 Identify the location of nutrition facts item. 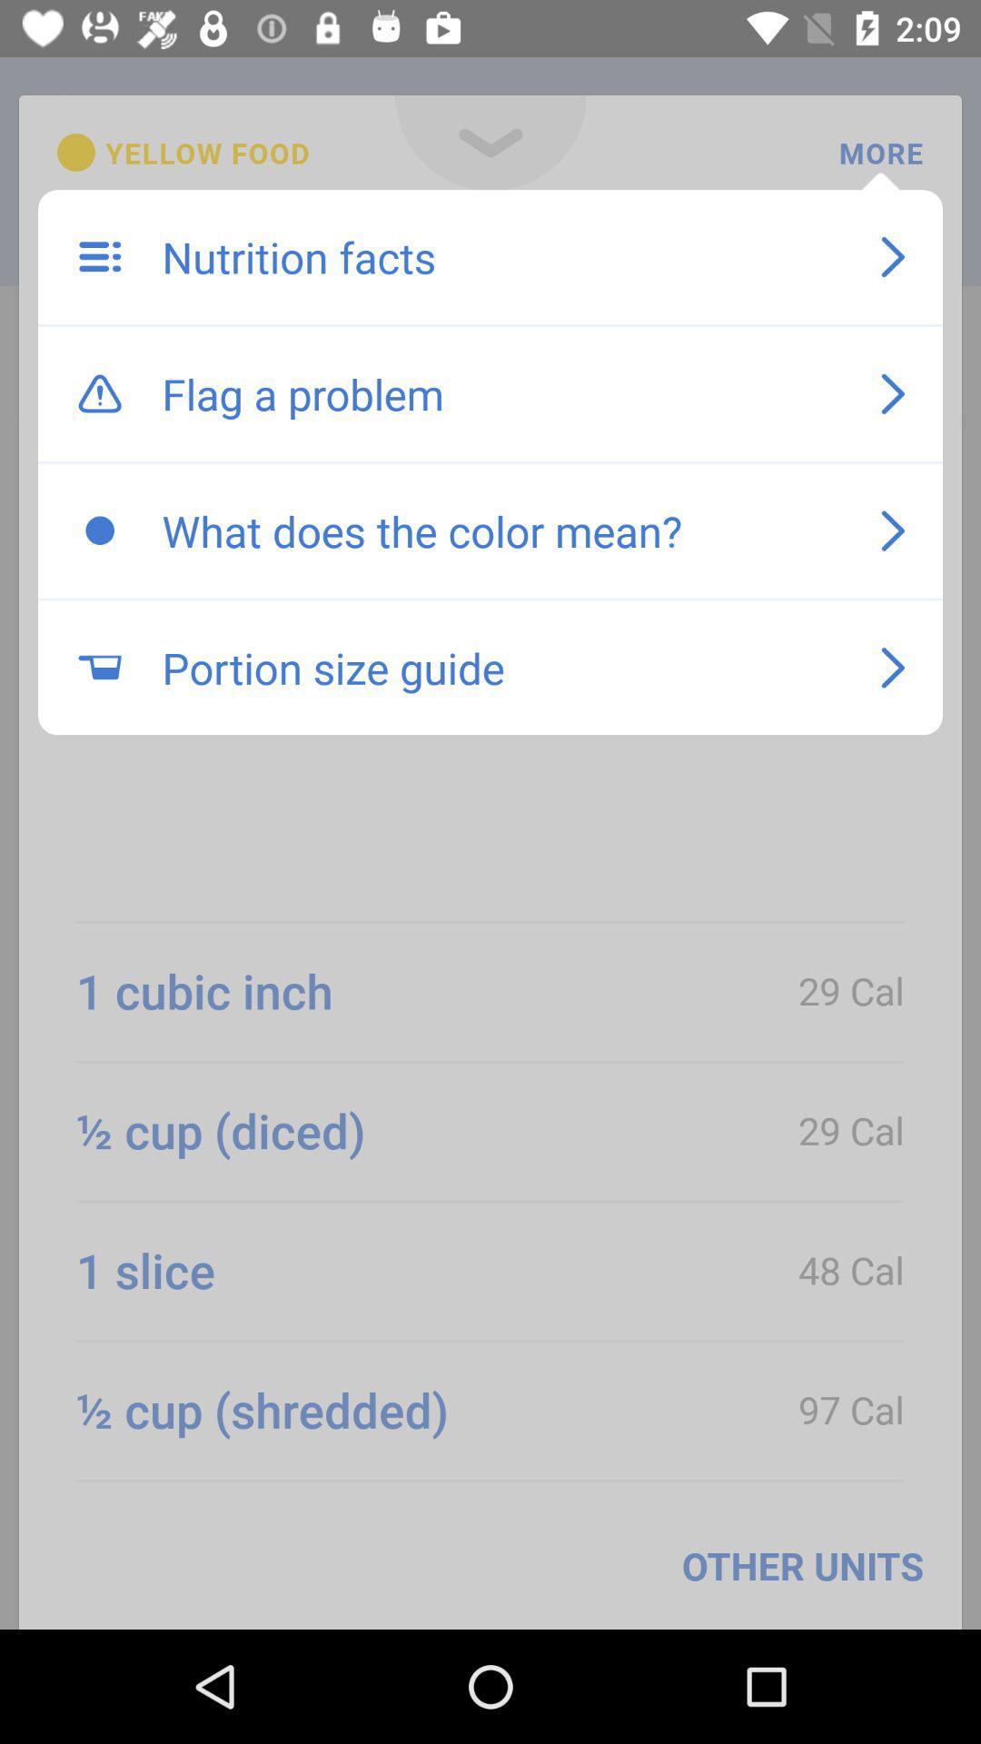
(502, 256).